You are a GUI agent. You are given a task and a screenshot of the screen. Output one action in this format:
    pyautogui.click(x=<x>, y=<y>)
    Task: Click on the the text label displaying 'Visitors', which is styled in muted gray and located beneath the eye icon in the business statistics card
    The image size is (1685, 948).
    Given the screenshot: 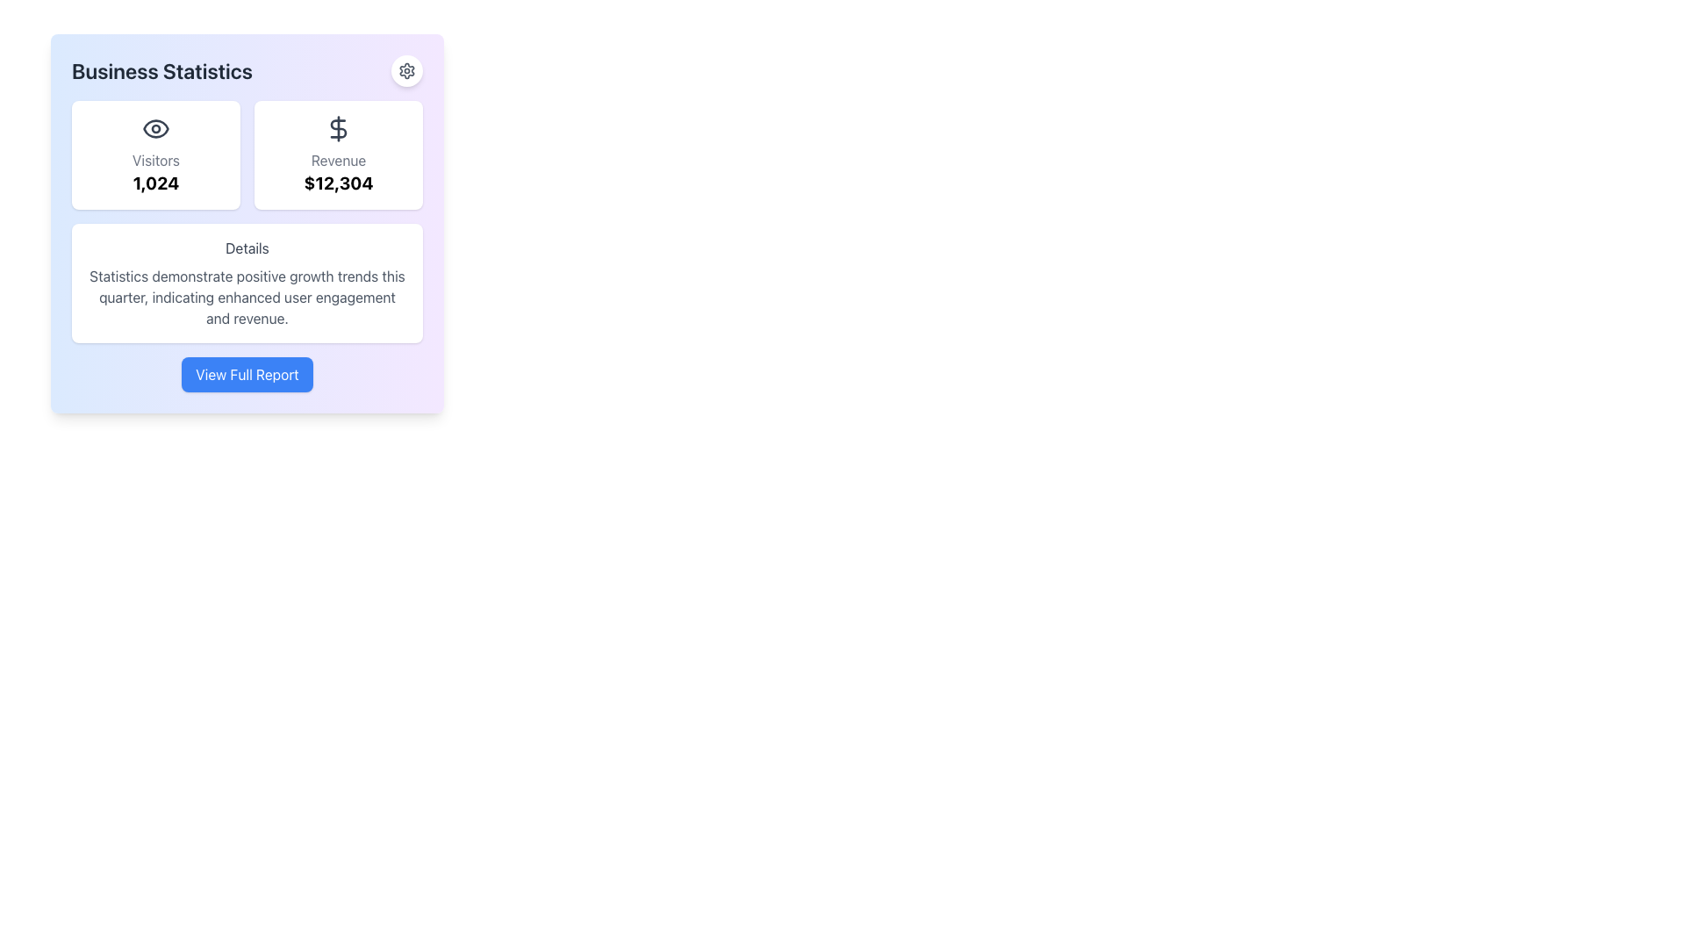 What is the action you would take?
    pyautogui.click(x=155, y=160)
    